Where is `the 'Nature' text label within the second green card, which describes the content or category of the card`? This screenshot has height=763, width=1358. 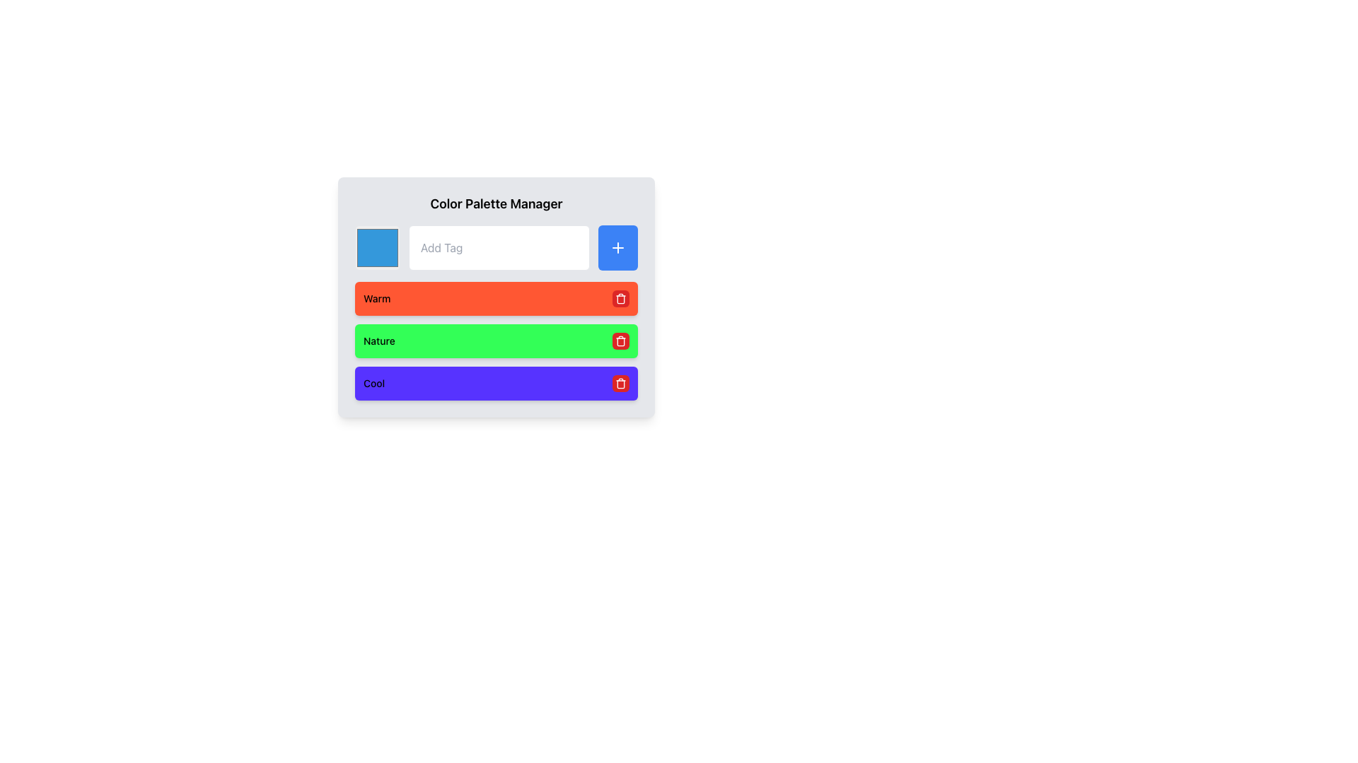
the 'Nature' text label within the second green card, which describes the content or category of the card is located at coordinates (379, 341).